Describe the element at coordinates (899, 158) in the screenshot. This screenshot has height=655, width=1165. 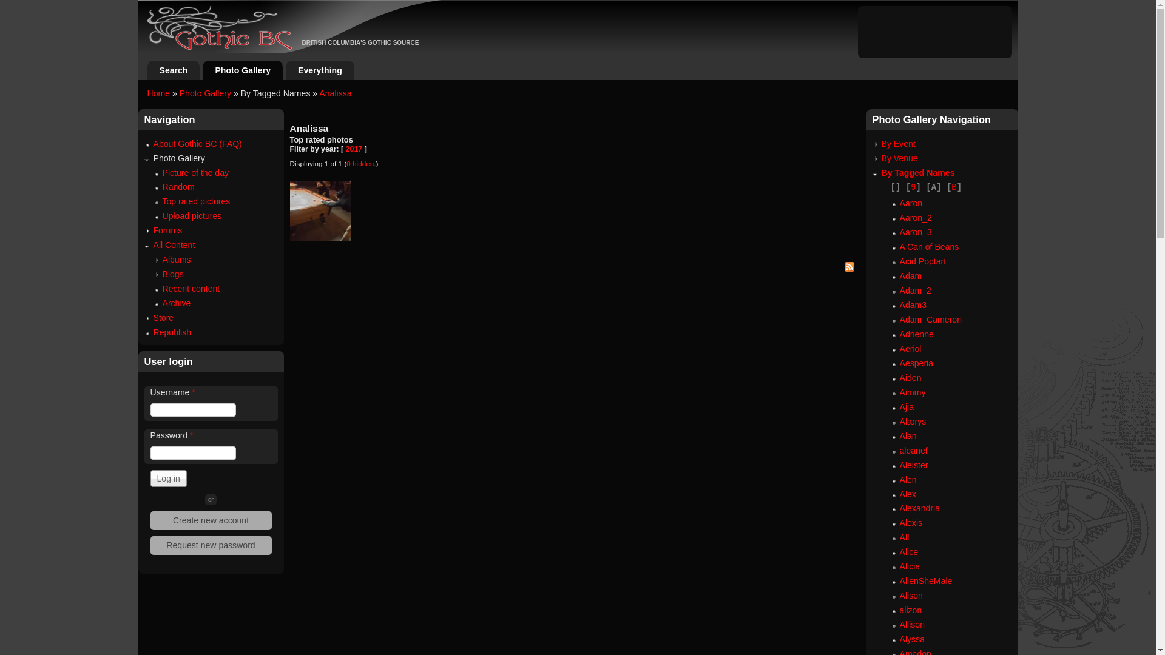
I see `'By Venue'` at that location.